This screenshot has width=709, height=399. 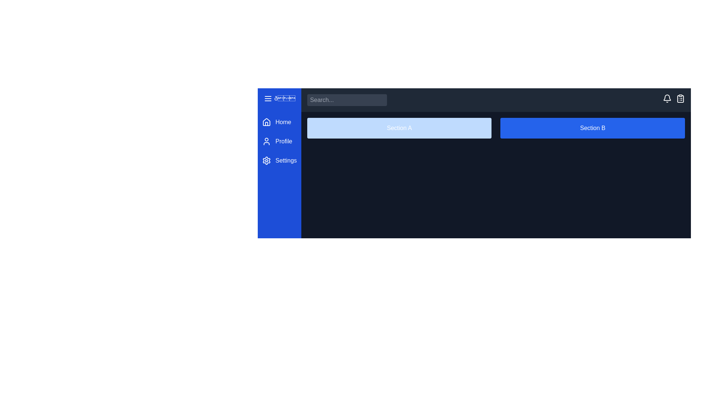 What do you see at coordinates (284, 98) in the screenshot?
I see `the interactive button or clickable icon located in the top-left corner of the sidebar` at bounding box center [284, 98].